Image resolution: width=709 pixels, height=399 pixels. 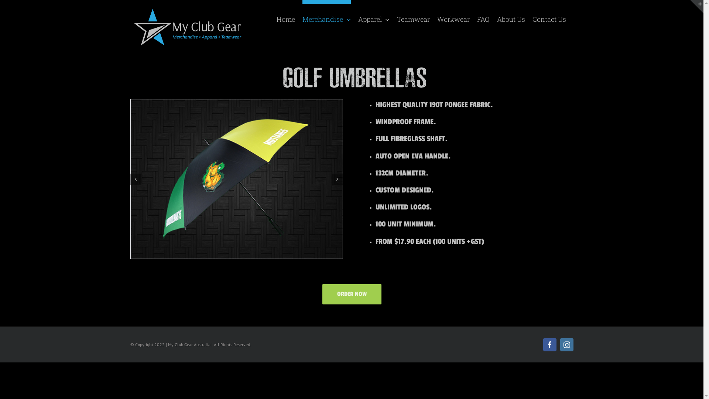 What do you see at coordinates (483, 17) in the screenshot?
I see `'FAQ'` at bounding box center [483, 17].